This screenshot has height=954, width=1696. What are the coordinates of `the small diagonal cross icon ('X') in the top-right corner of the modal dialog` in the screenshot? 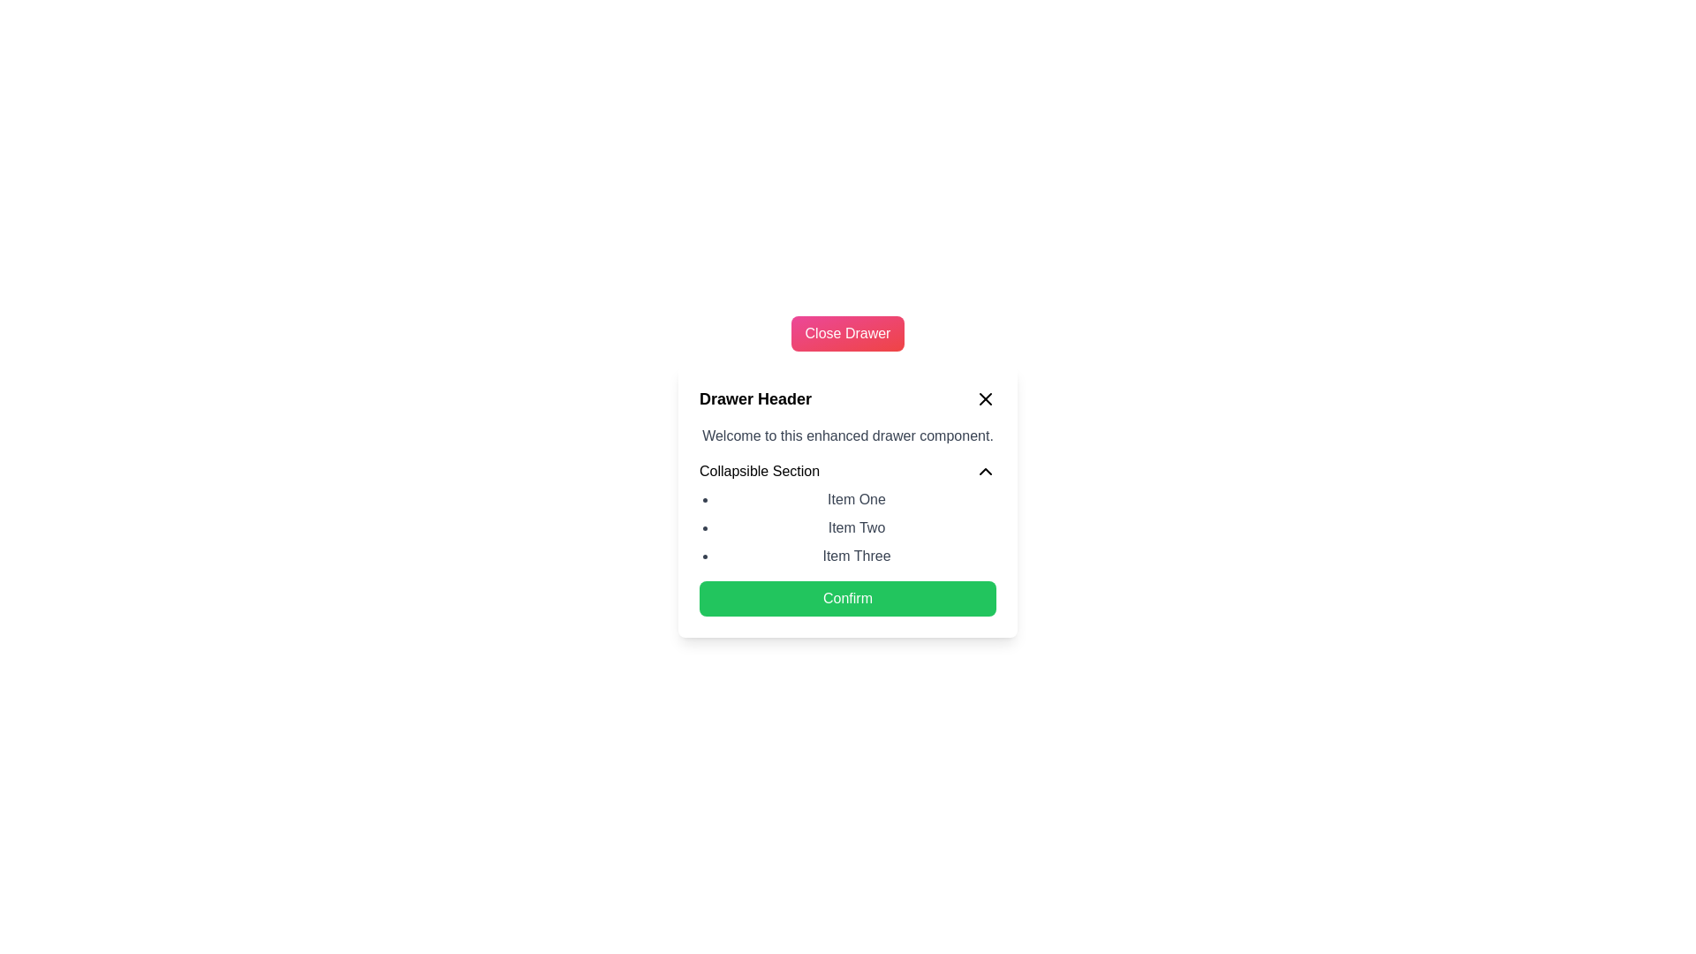 It's located at (985, 398).